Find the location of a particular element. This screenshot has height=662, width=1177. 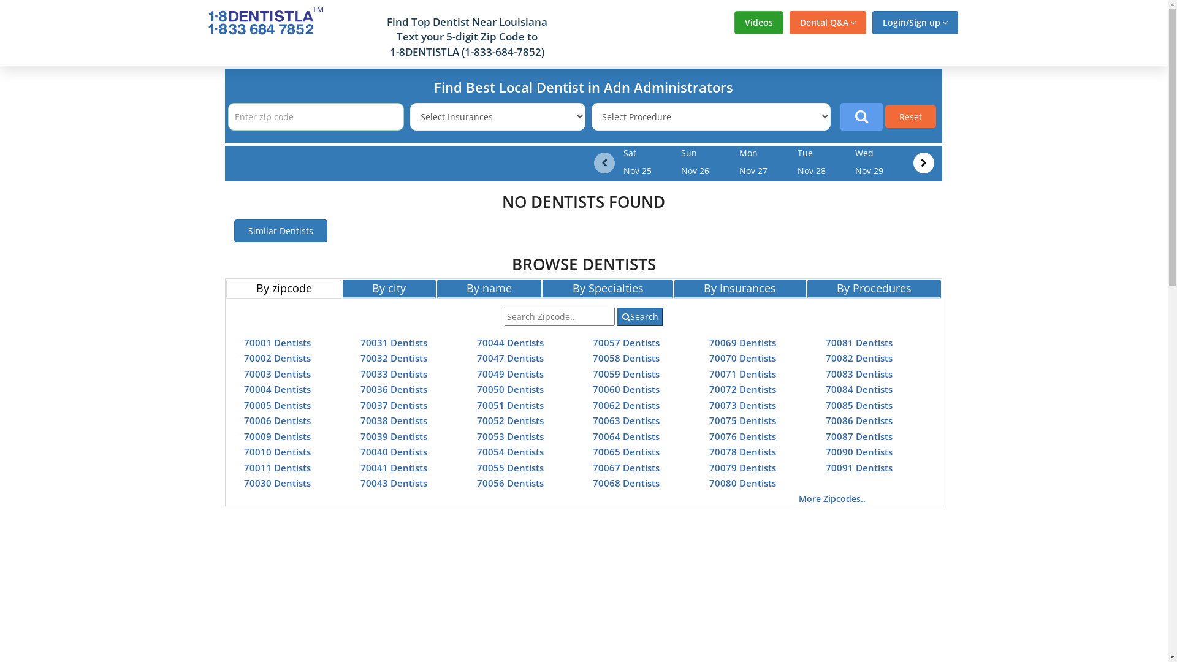

'70002 Dentists' is located at coordinates (244, 357).